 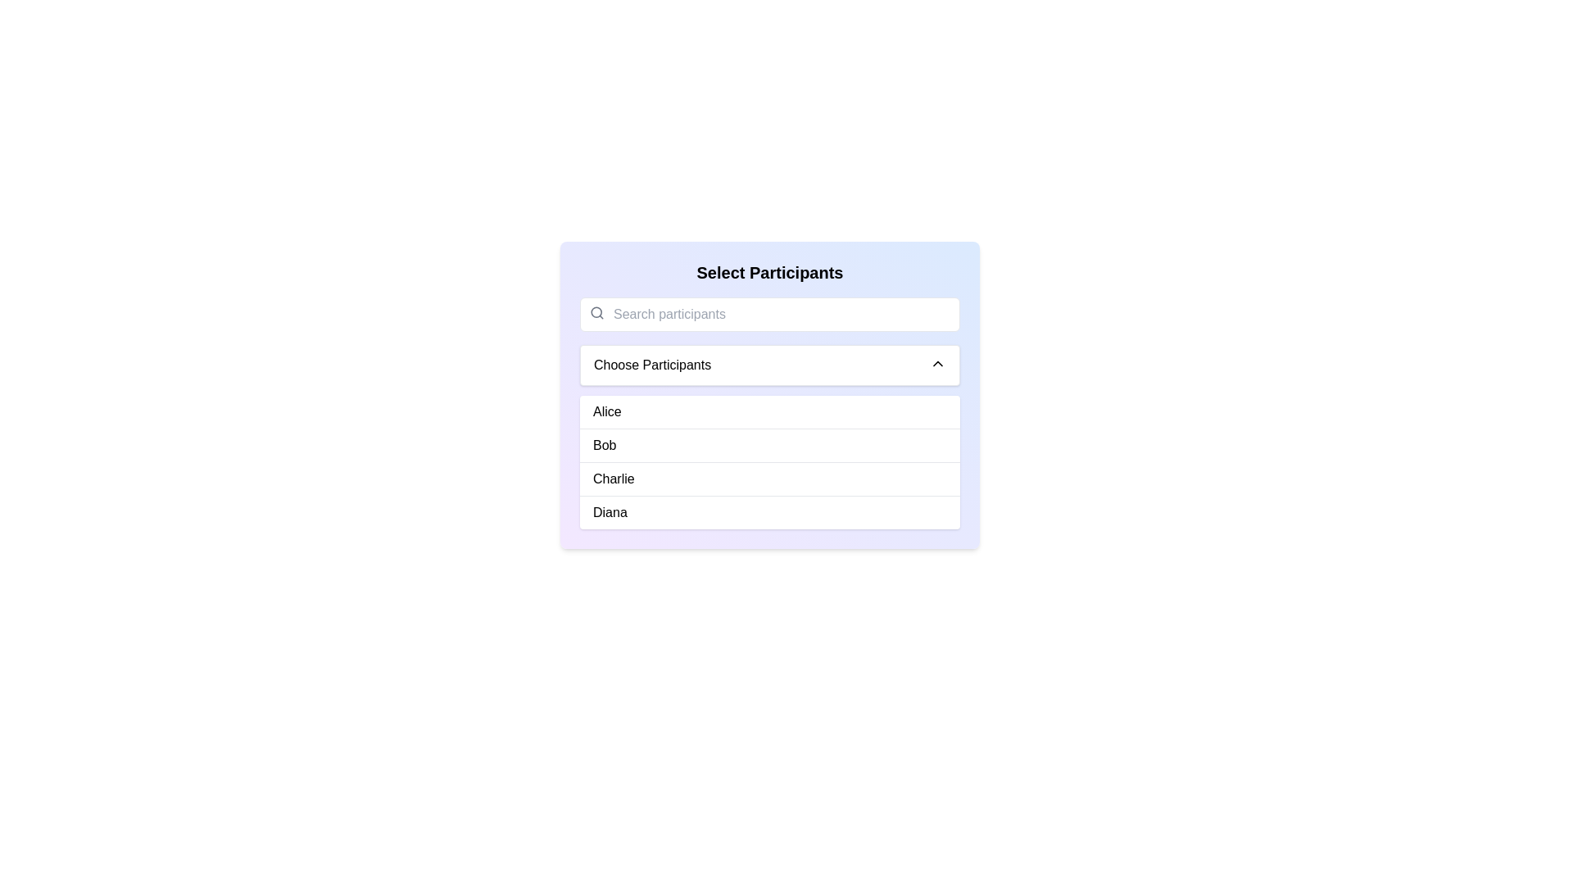 I want to click on the first text label in the 'Choose Participants' list, so click(x=606, y=411).